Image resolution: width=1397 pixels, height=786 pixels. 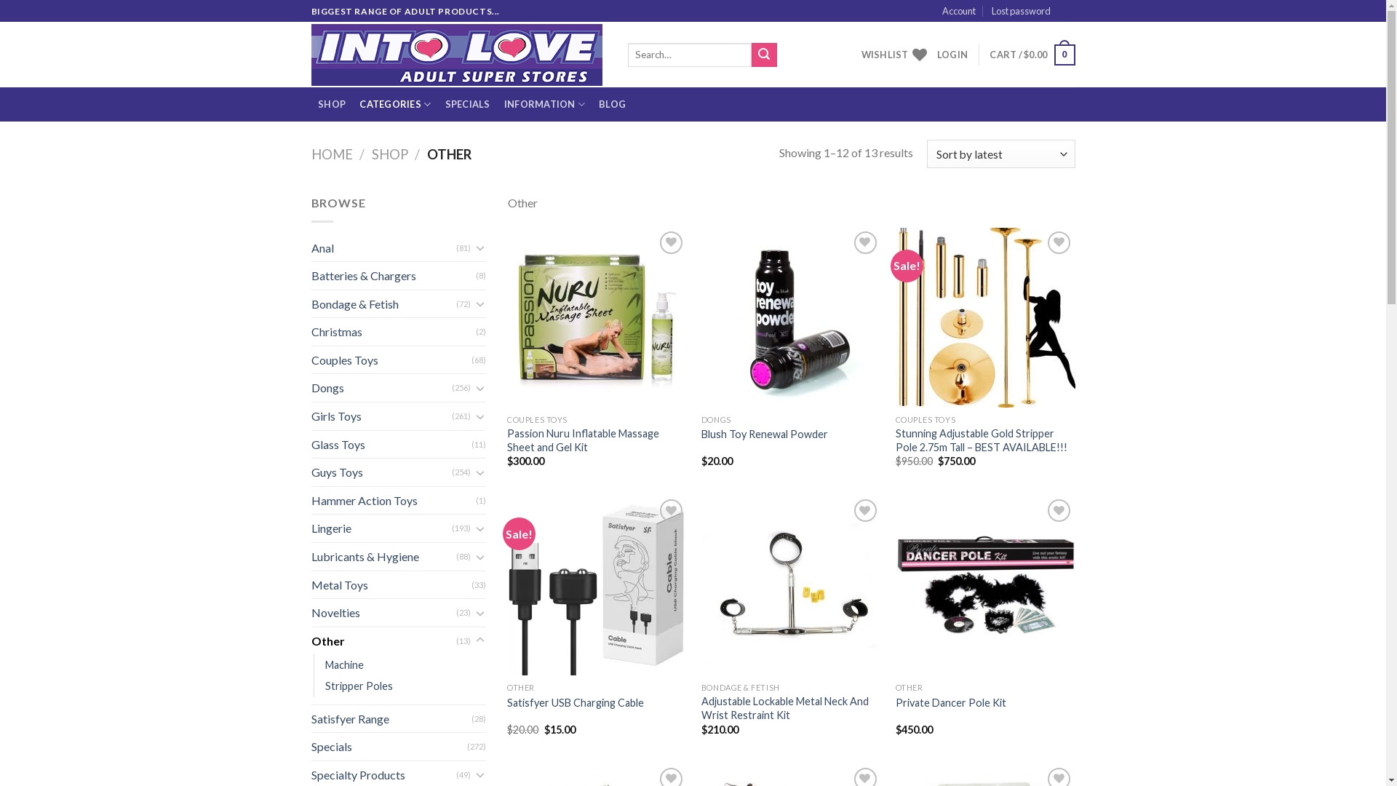 I want to click on 'Stripper Poles', so click(x=358, y=686).